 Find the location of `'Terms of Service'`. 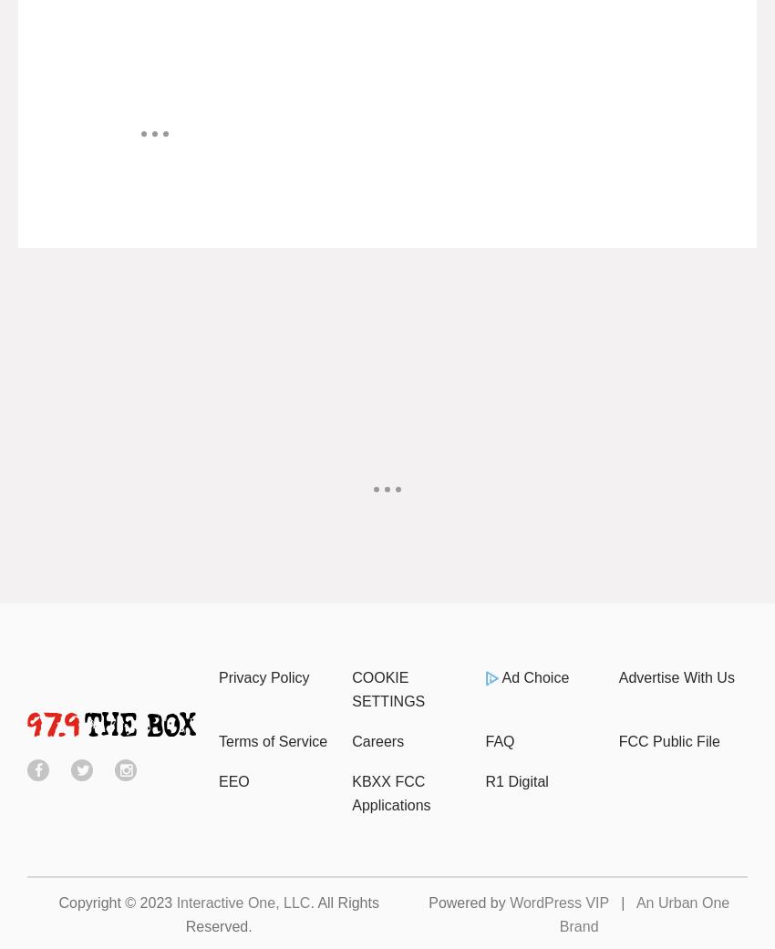

'Terms of Service' is located at coordinates (273, 740).